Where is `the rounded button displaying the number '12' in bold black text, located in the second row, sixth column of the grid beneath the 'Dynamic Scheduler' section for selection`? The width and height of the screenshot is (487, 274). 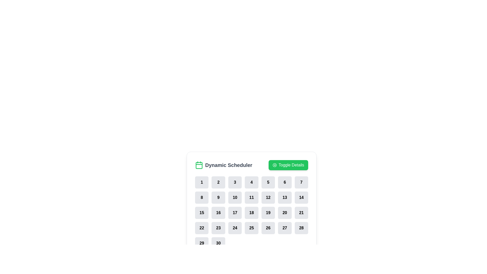
the rounded button displaying the number '12' in bold black text, located in the second row, sixth column of the grid beneath the 'Dynamic Scheduler' section for selection is located at coordinates (268, 197).